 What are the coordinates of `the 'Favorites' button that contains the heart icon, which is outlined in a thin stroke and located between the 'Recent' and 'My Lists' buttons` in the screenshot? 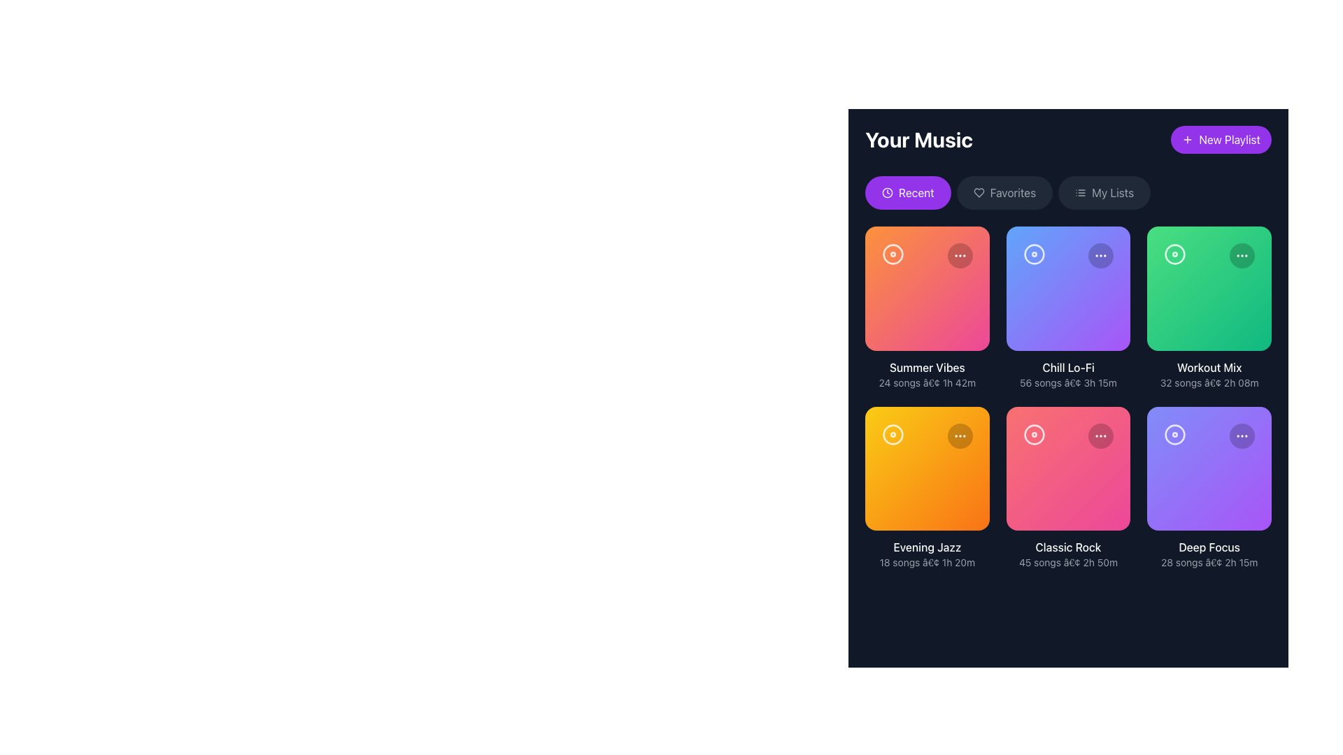 It's located at (978, 193).